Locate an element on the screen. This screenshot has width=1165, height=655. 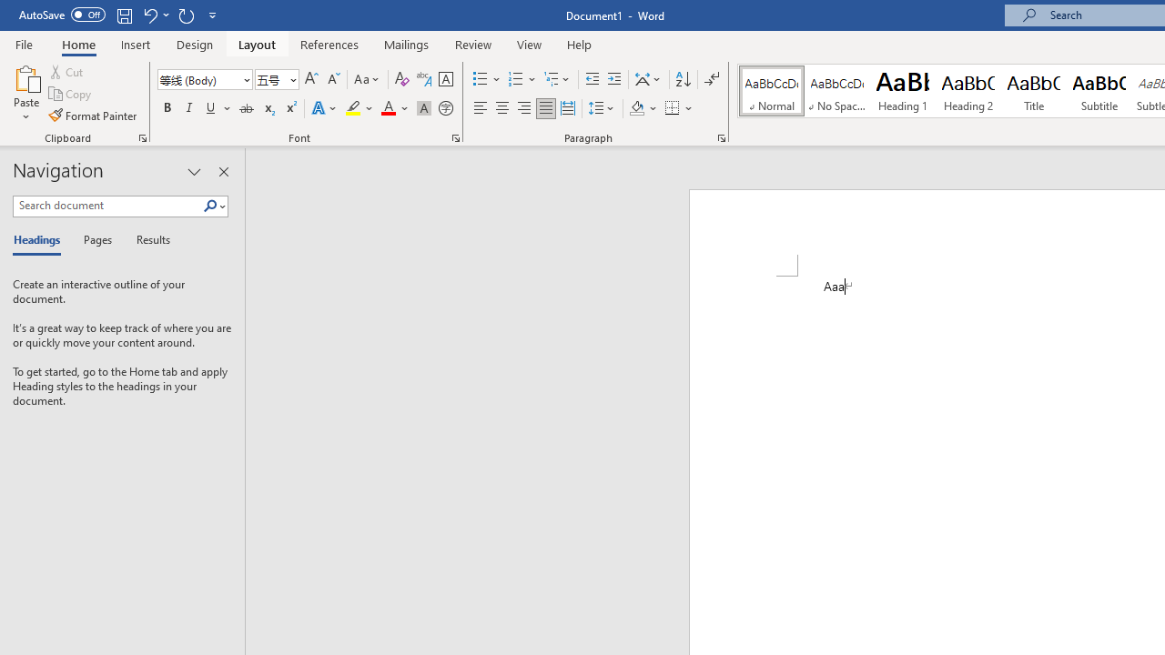
'Decrease Indent' is located at coordinates (592, 78).